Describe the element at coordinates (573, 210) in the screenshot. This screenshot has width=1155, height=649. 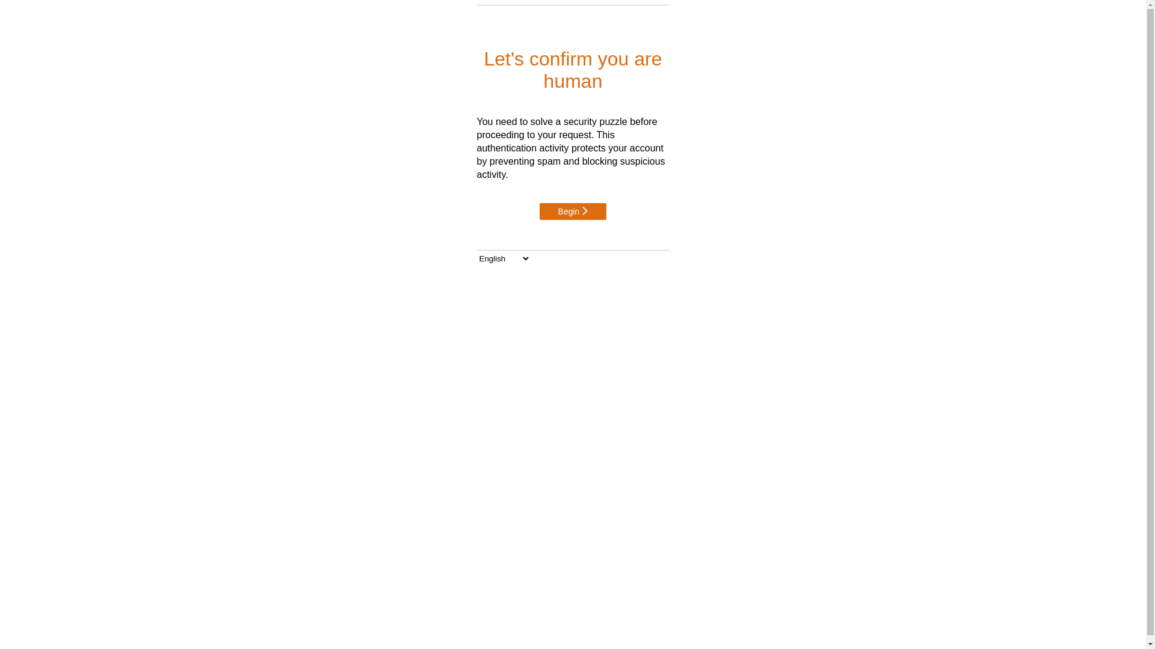
I see `'Begin'` at that location.